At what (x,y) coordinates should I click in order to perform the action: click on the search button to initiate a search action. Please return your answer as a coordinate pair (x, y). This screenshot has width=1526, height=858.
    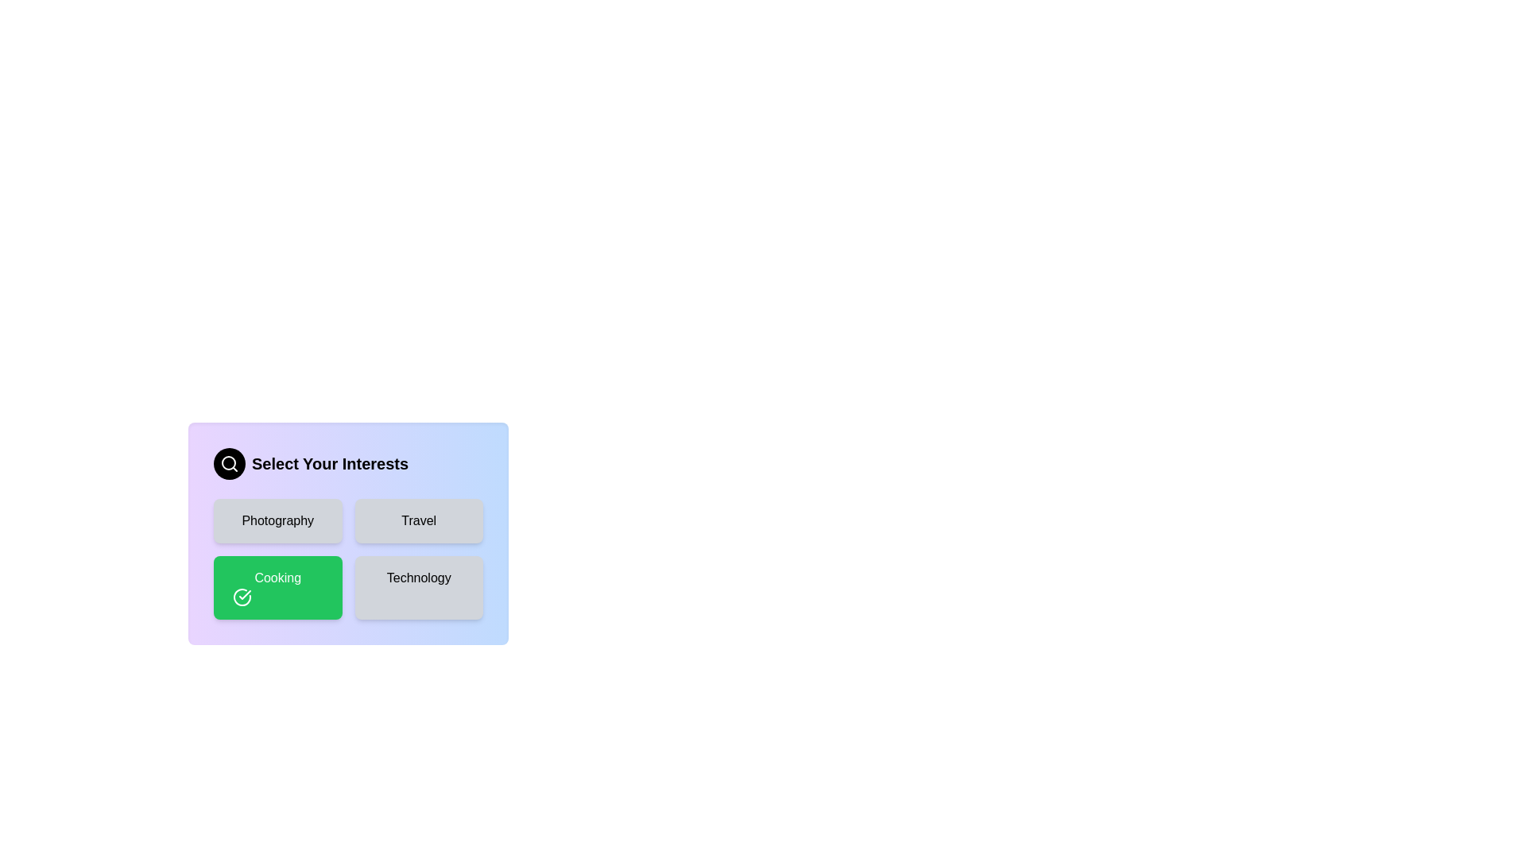
    Looking at the image, I should click on (228, 463).